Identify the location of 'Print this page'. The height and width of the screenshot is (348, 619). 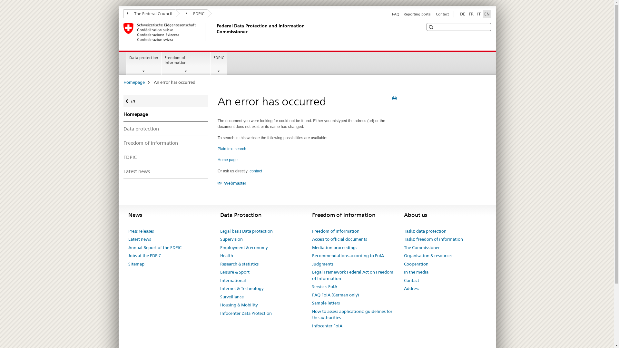
(394, 98).